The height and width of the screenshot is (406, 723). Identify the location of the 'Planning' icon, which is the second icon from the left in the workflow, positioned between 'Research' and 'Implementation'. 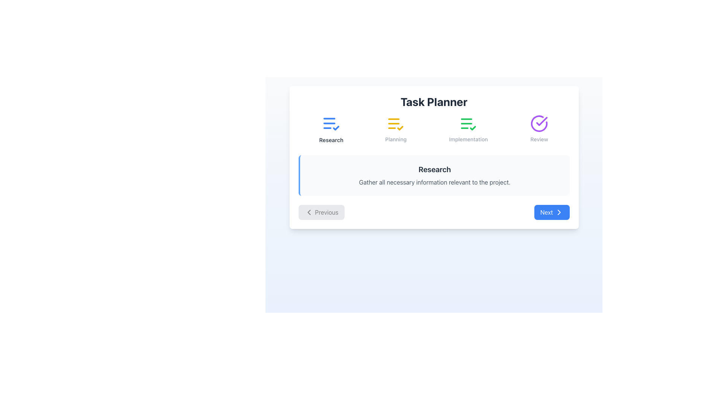
(395, 123).